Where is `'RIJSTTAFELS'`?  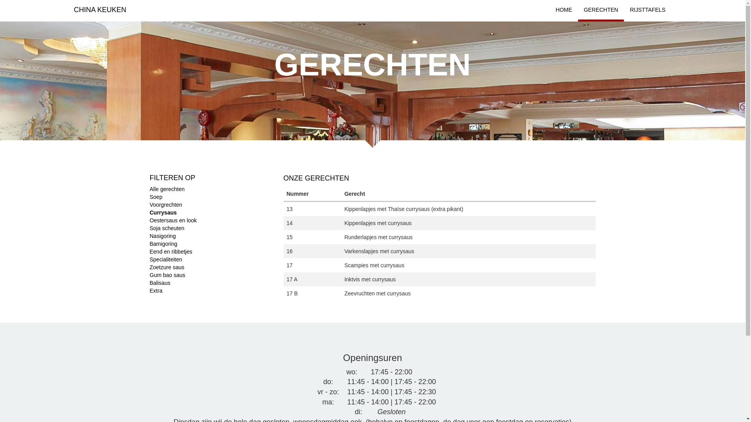
'RIJSTTAFELS' is located at coordinates (647, 9).